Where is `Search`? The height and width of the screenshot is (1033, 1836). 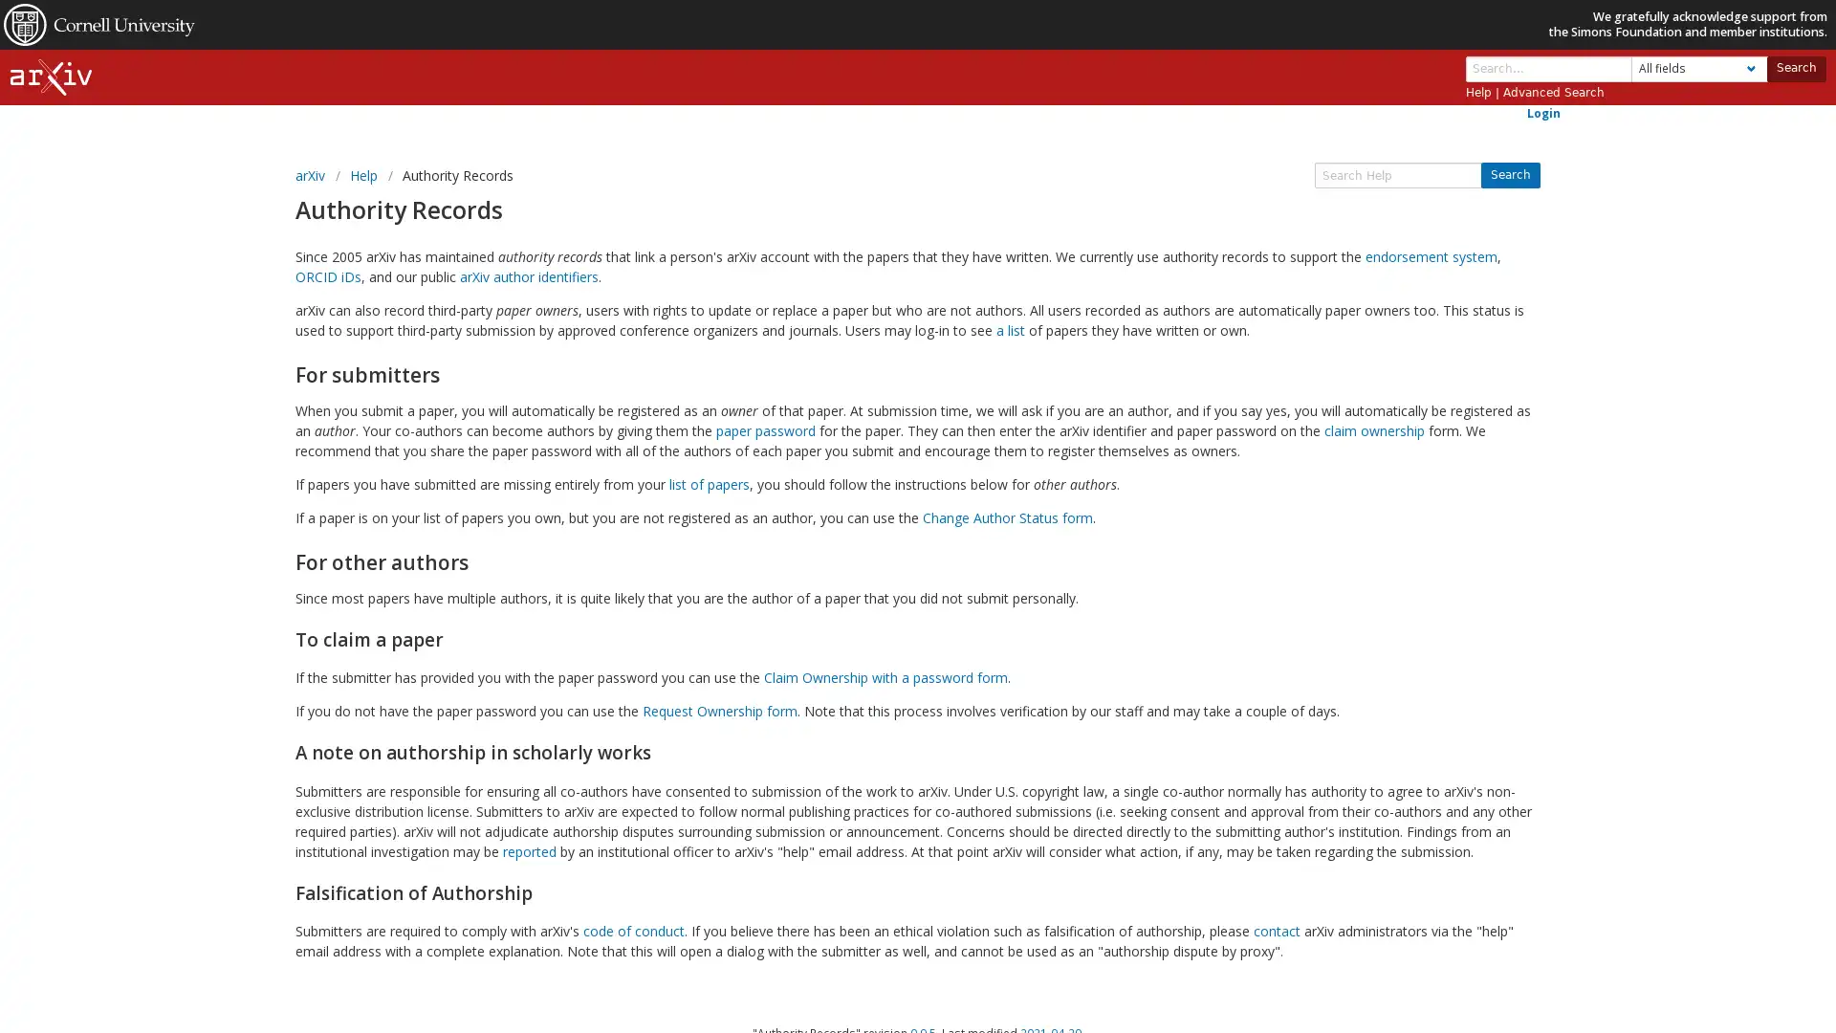
Search is located at coordinates (1794, 67).